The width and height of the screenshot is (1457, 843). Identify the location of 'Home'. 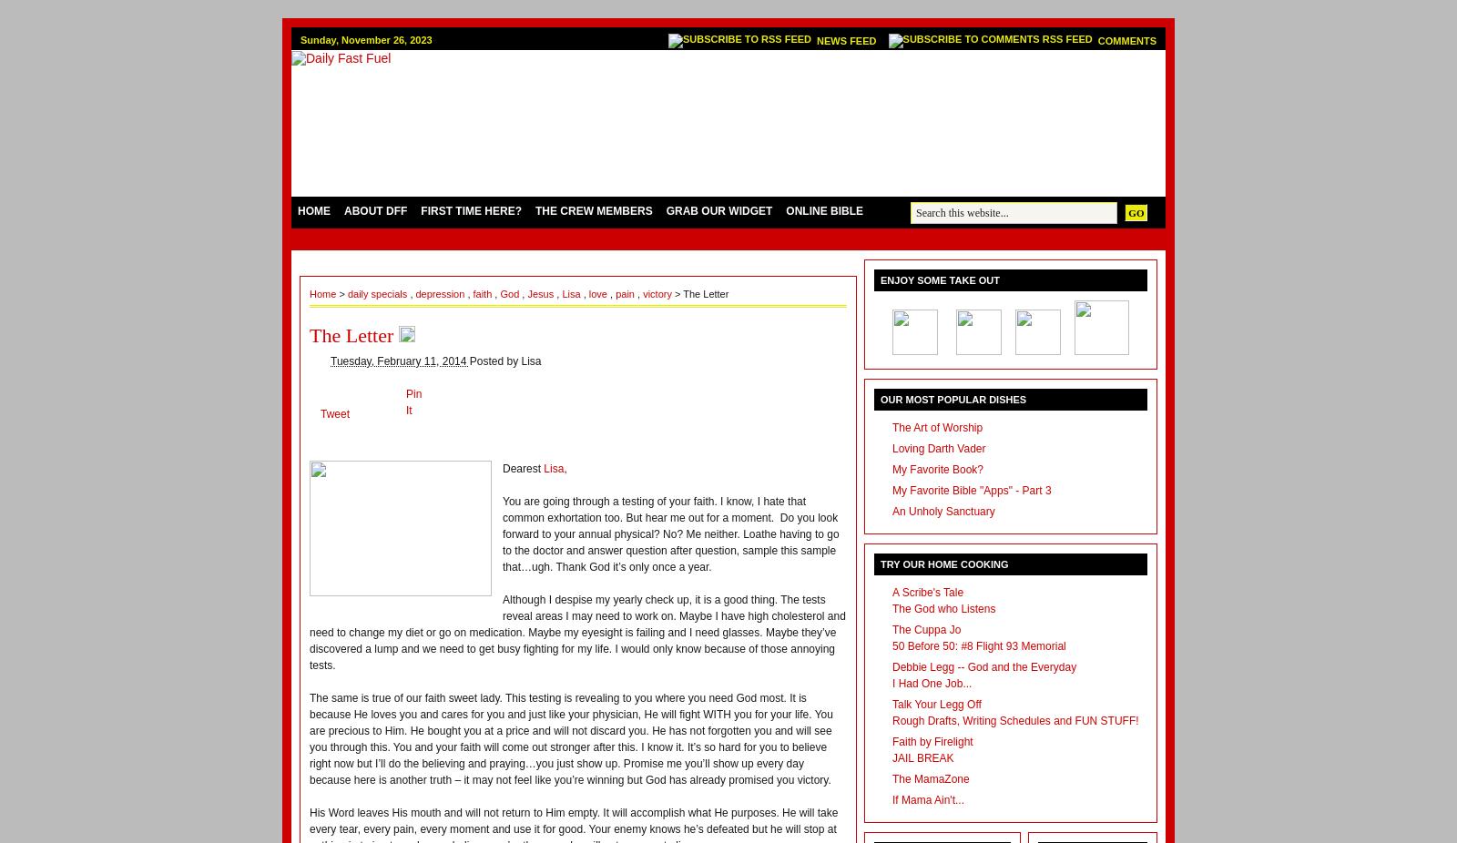
(324, 293).